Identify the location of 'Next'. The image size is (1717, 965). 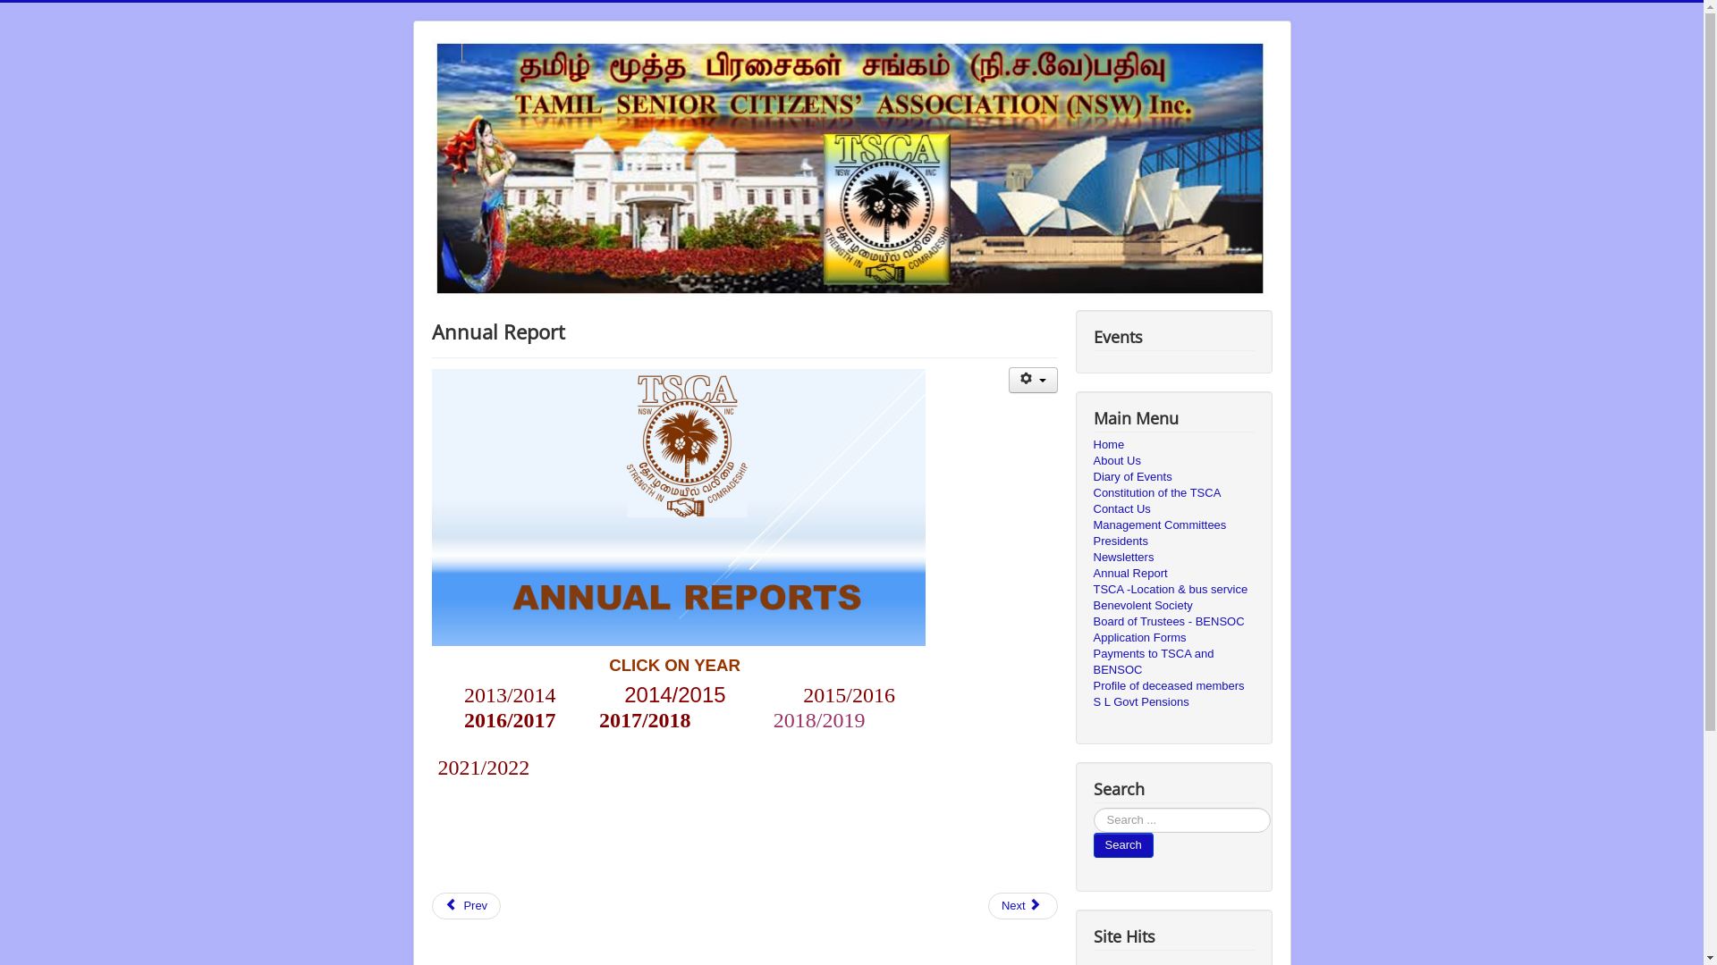
(1022, 906).